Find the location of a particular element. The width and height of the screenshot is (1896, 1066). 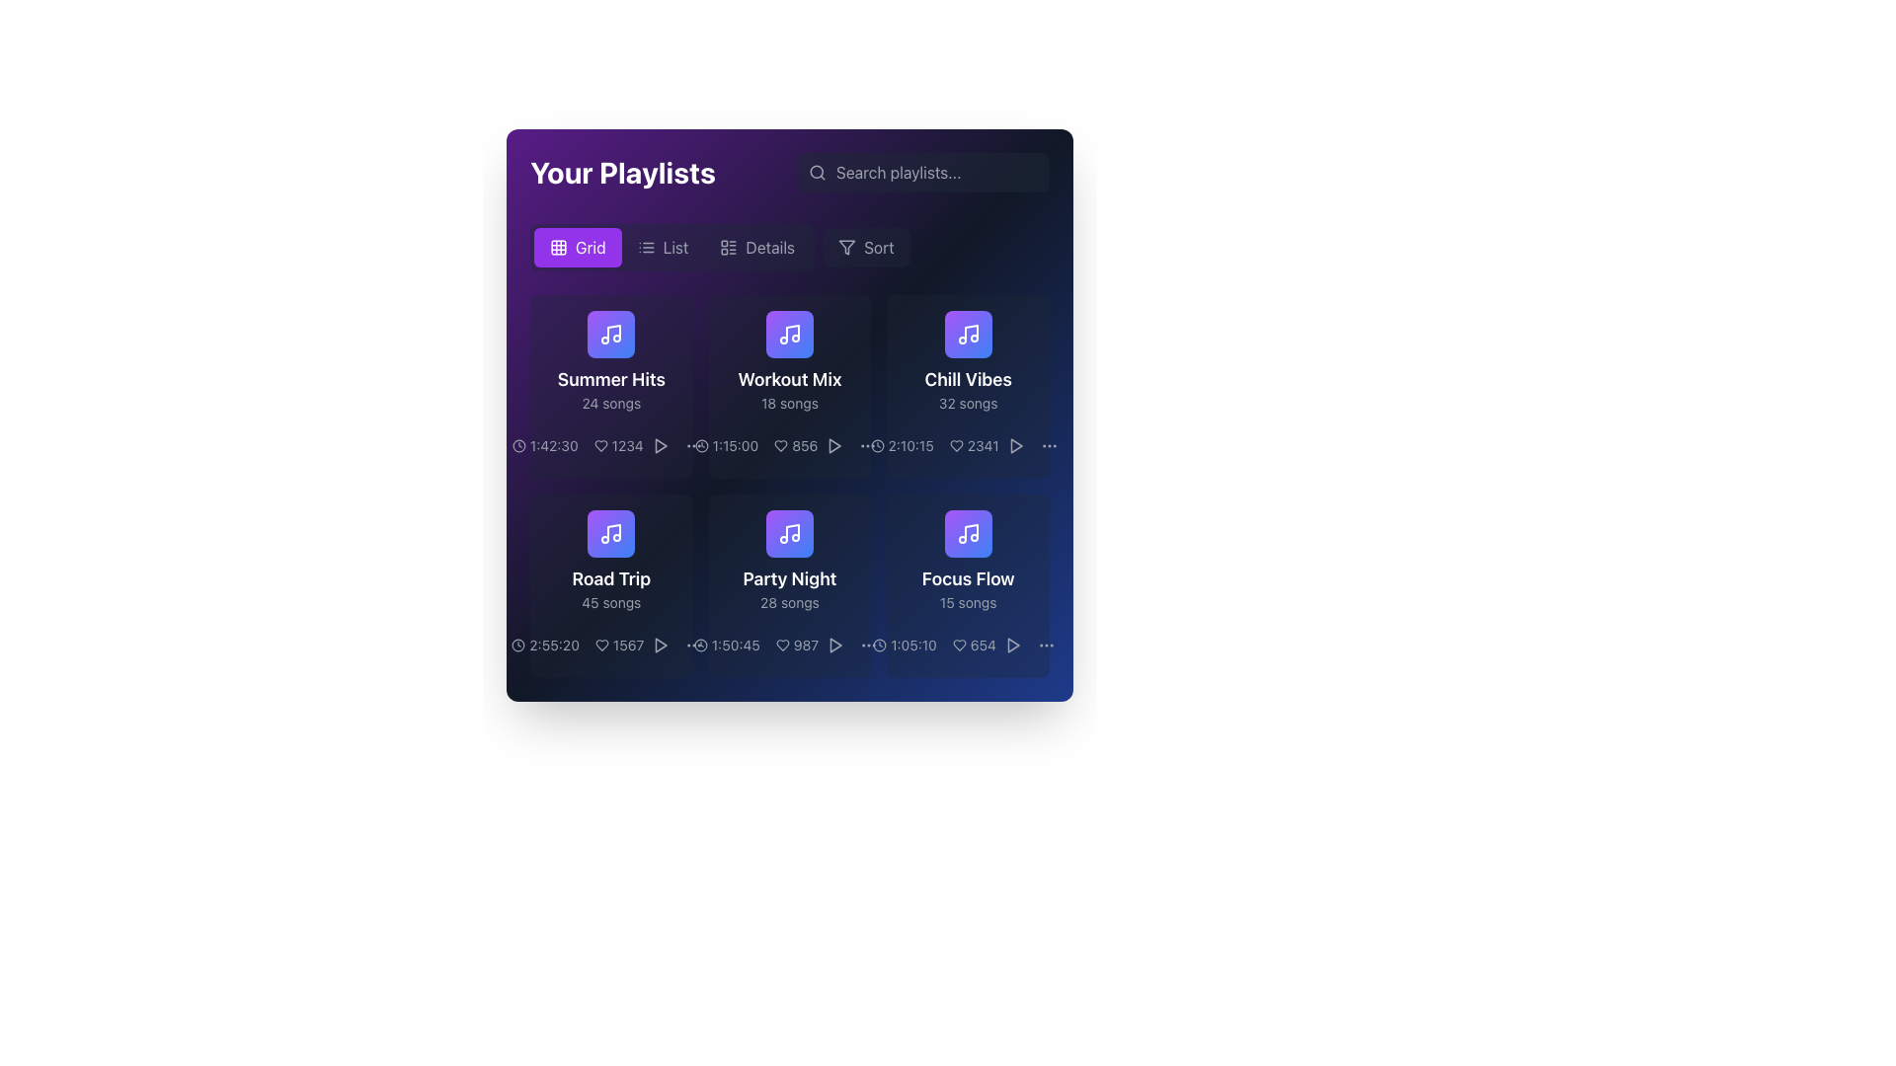

the button located in the bottom-right corner of the 'Party Night' playlist section is located at coordinates (694, 646).